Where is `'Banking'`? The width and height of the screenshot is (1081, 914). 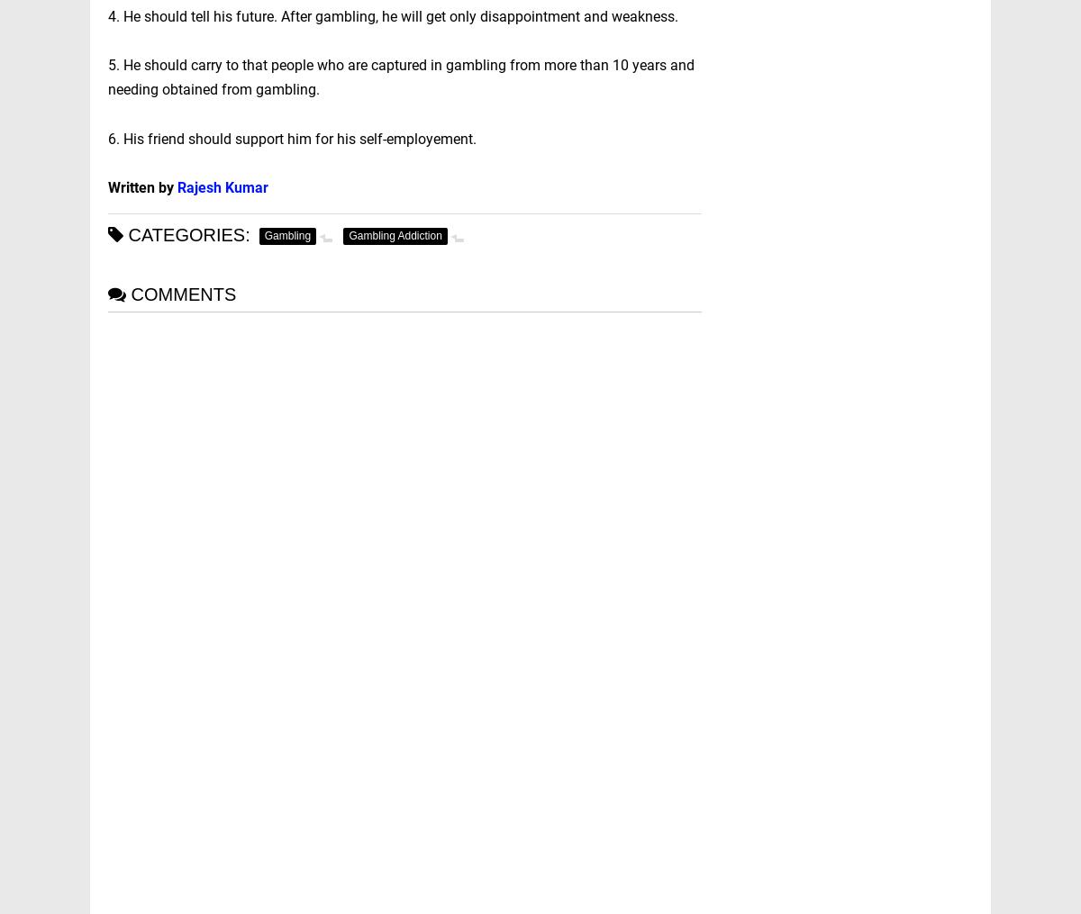
'Banking' is located at coordinates (800, 100).